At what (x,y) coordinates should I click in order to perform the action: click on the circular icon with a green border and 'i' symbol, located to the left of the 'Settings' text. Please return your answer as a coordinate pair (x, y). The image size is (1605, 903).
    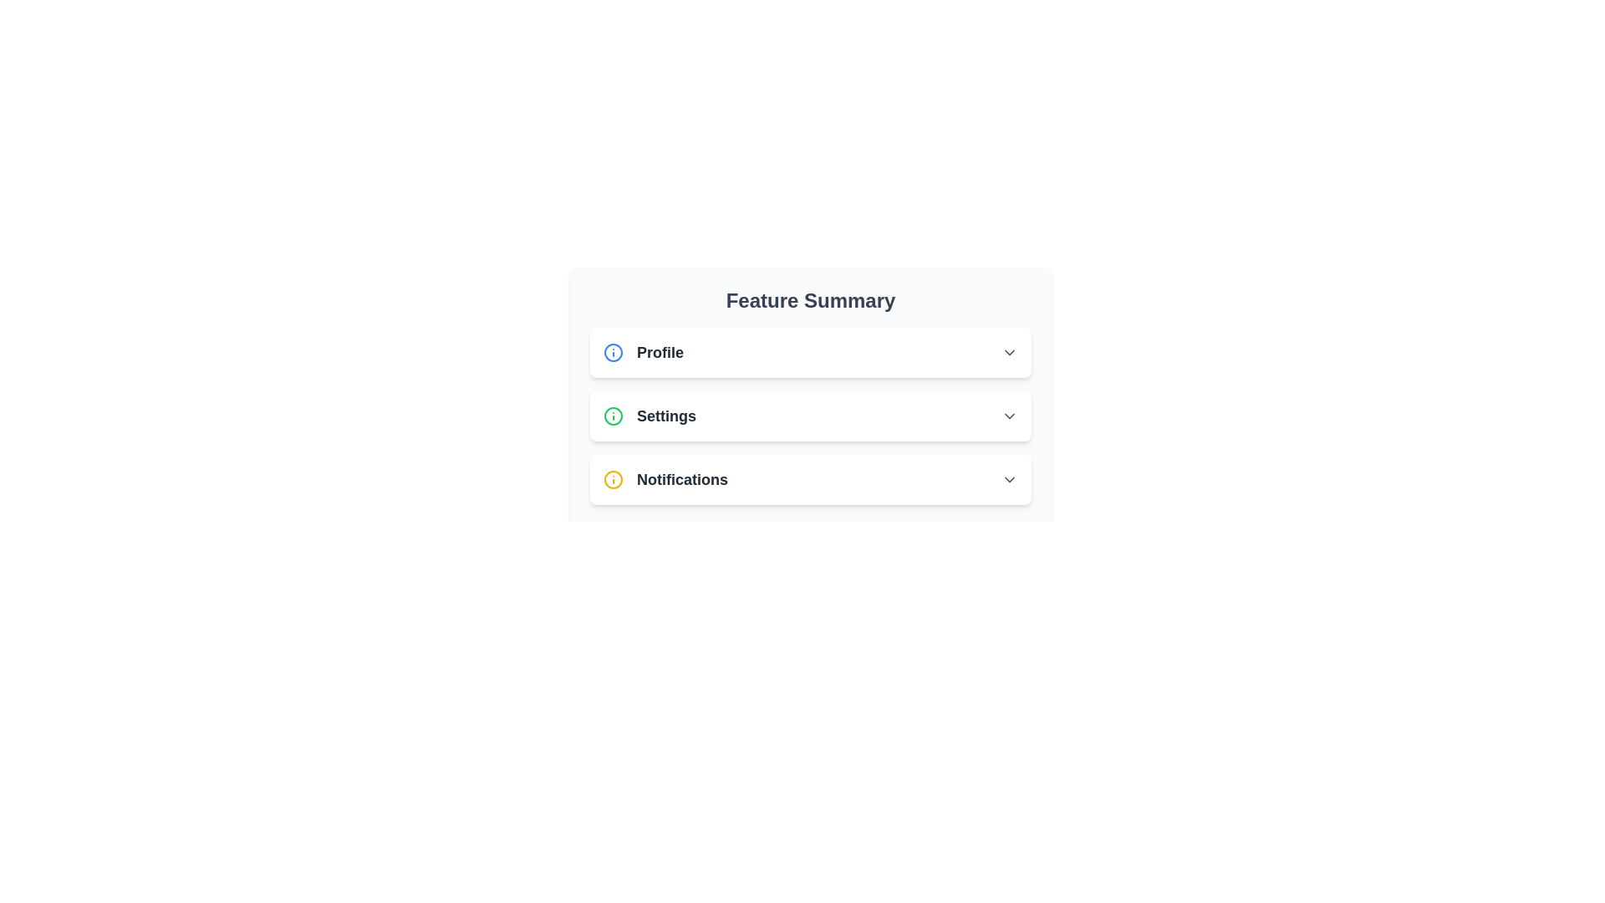
    Looking at the image, I should click on (613, 415).